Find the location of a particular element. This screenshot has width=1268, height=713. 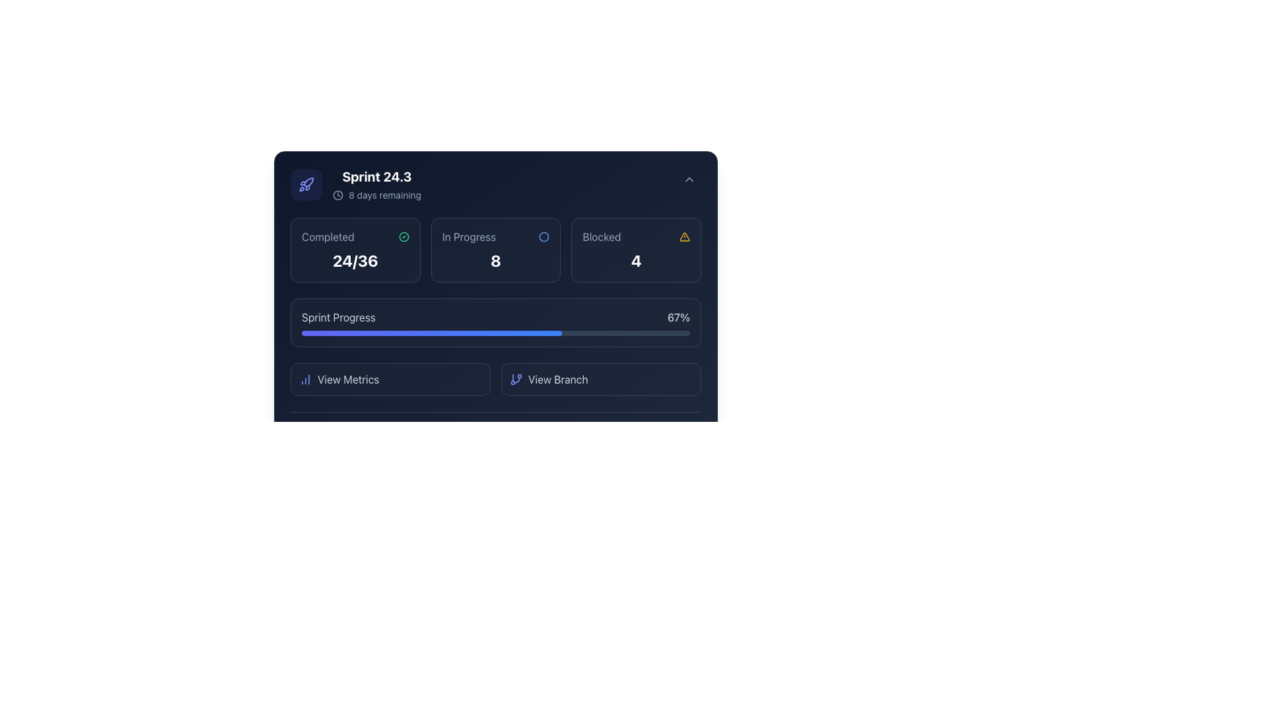

the middle panel that displays the count of items currently in progress within the sprint to show more detailed information is located at coordinates (495, 250).